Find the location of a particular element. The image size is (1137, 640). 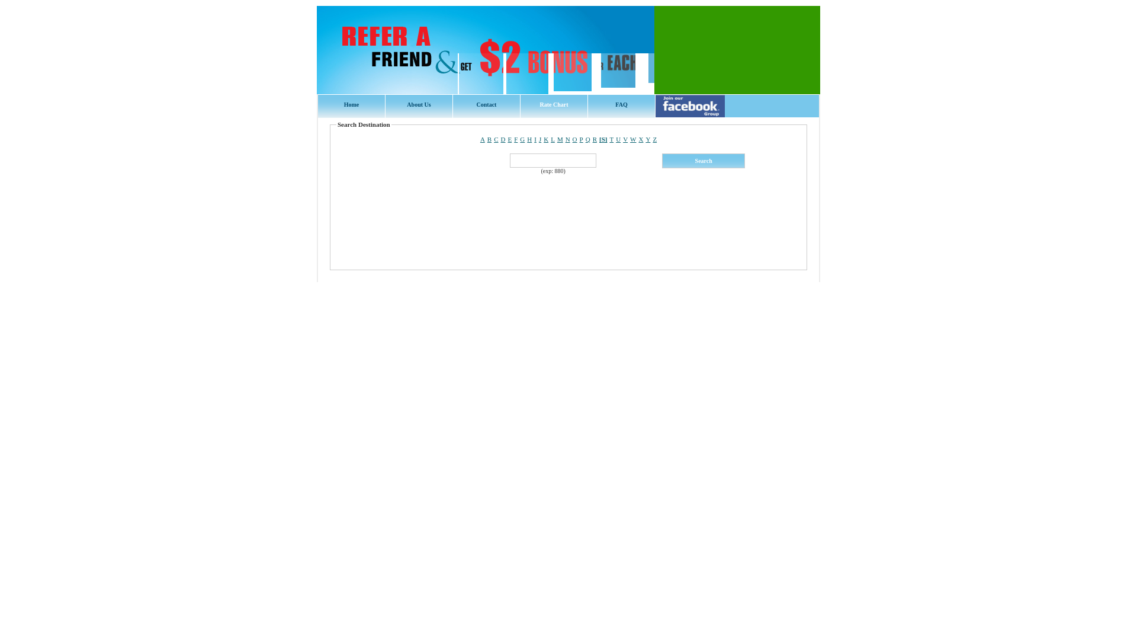

'FAQ' is located at coordinates (588, 105).